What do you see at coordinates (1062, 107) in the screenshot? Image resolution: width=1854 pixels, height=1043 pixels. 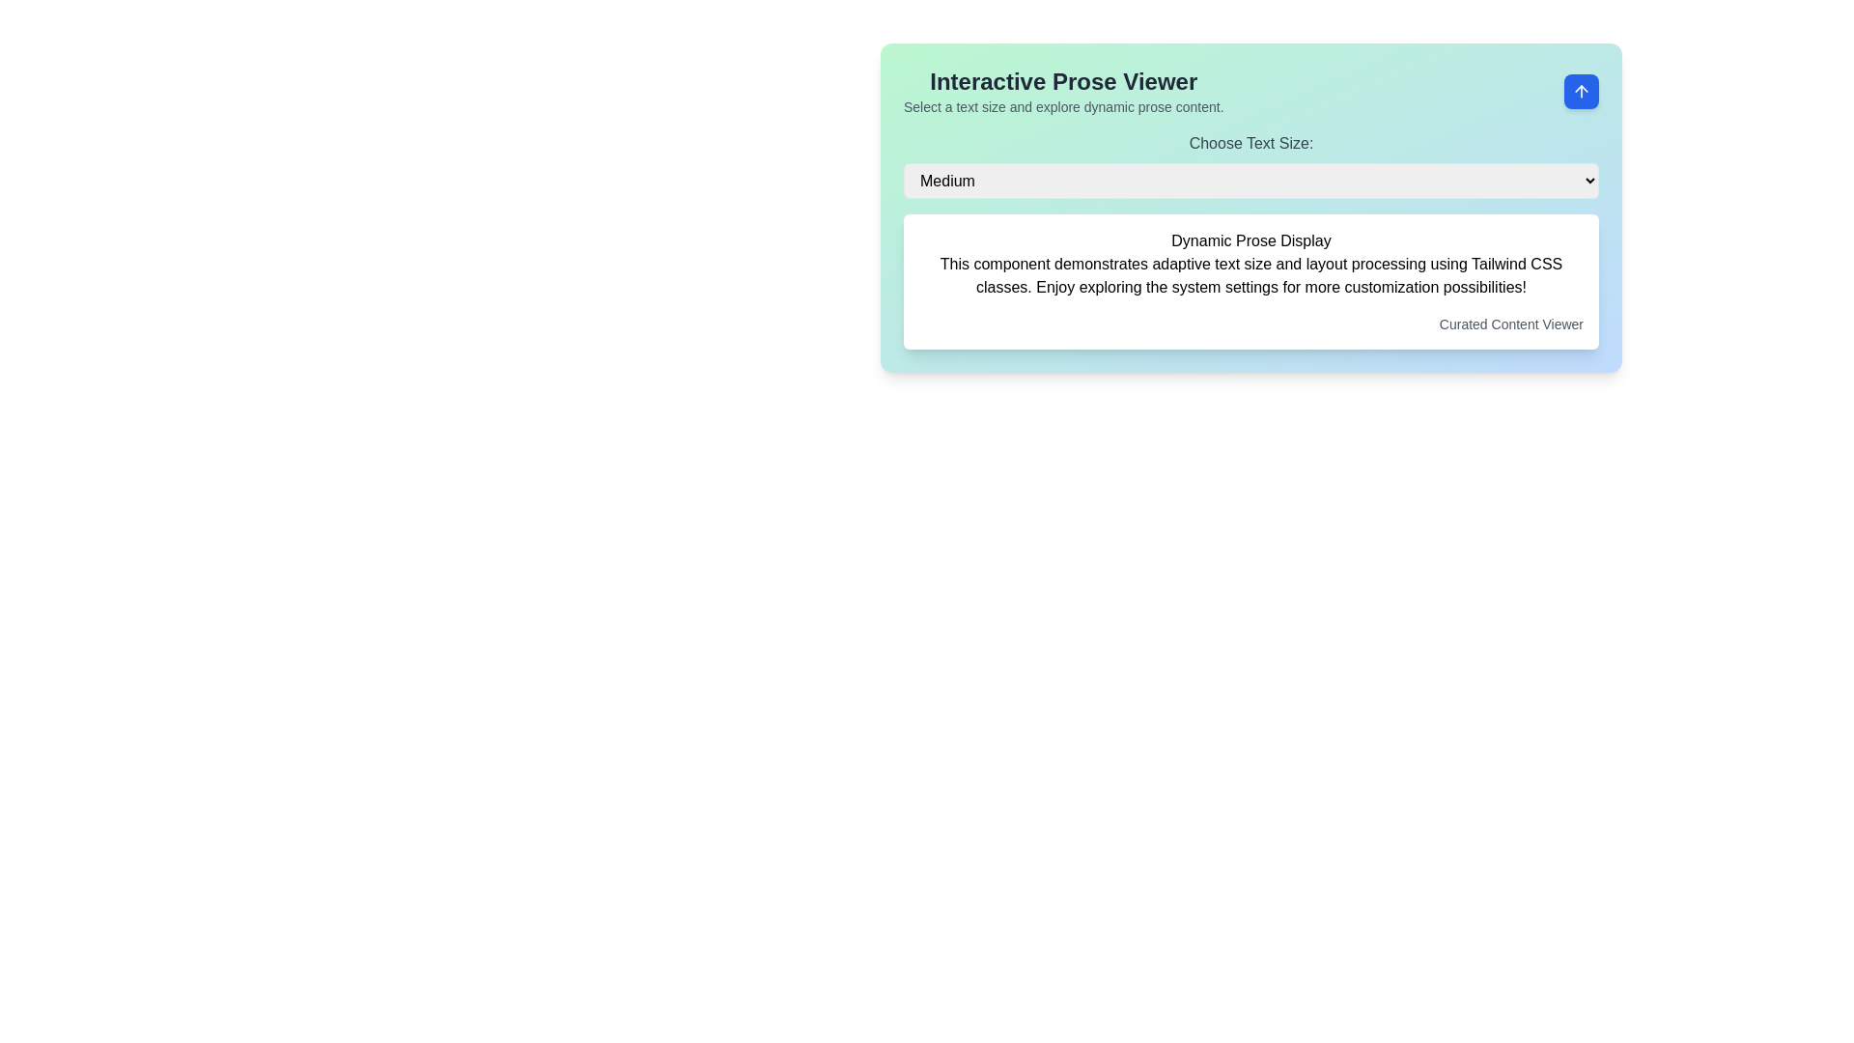 I see `the instructional Text Label located below the 'Interactive Prose Viewer' heading` at bounding box center [1062, 107].